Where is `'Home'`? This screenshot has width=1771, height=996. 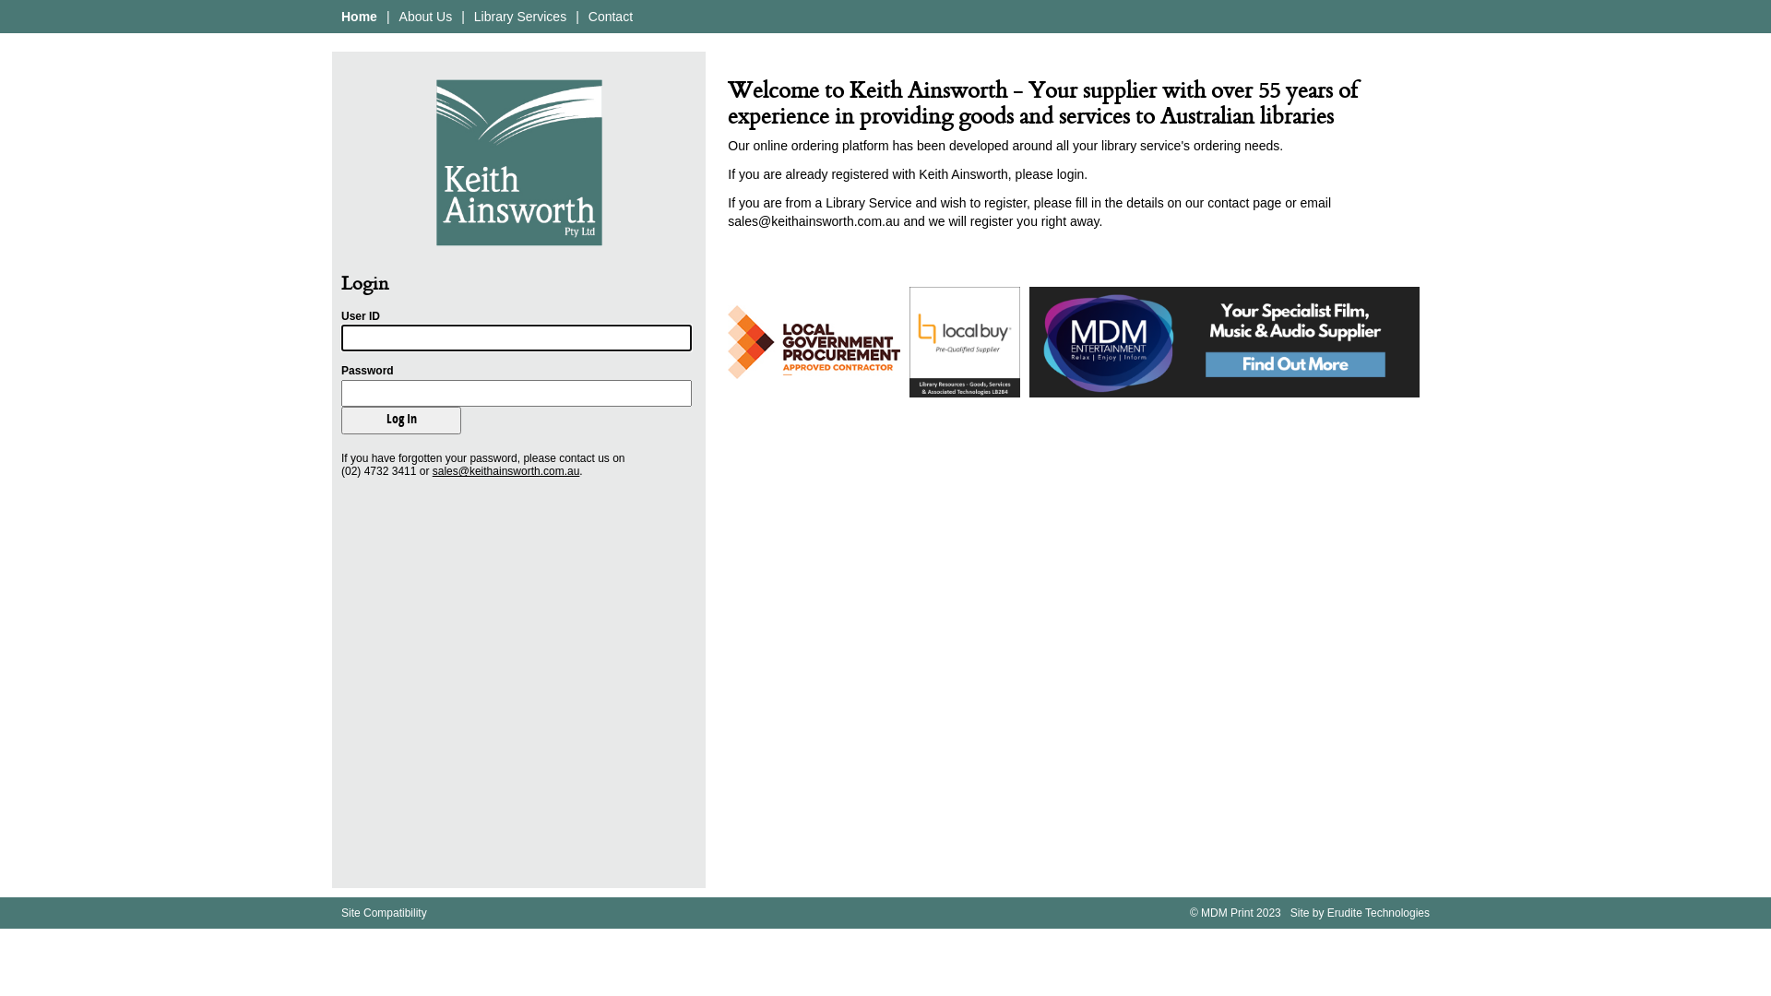 'Home' is located at coordinates (359, 17).